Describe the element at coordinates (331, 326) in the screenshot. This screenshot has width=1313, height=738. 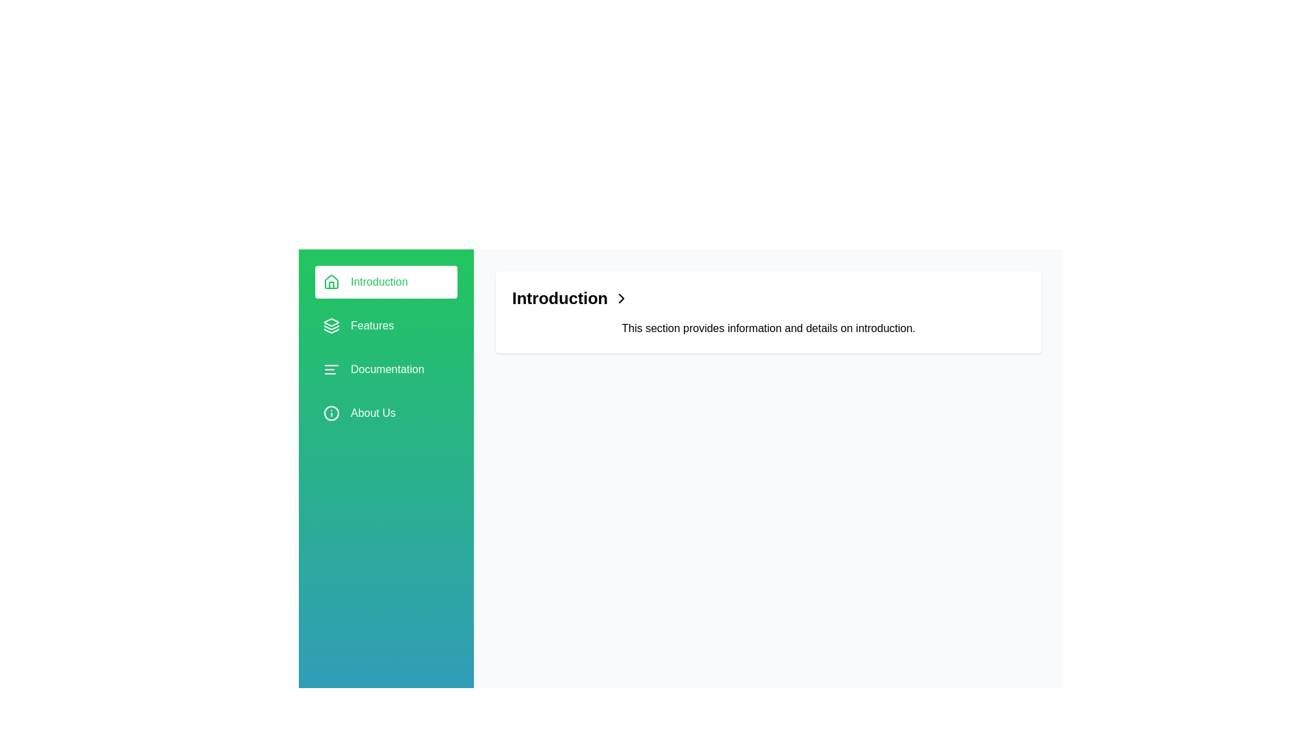
I see `the 'Features' menu icon located next to the labeled text in the vertical navigation menu` at that location.